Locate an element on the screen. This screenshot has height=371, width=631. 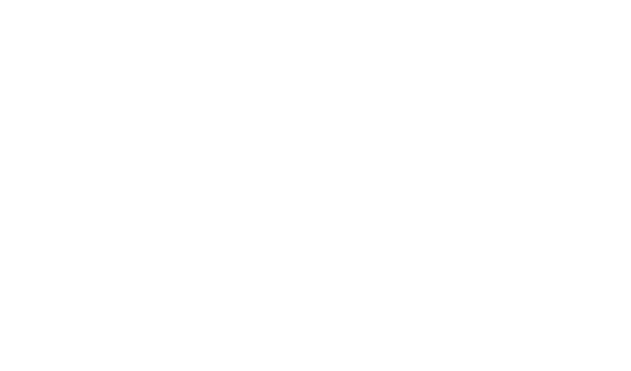
'Come to the hotel' is located at coordinates (522, 239).